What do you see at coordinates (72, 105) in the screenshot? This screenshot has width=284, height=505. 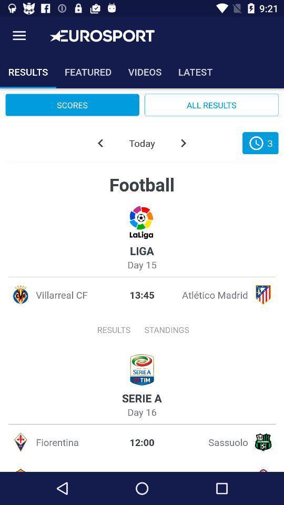 I see `item to the left of the all results` at bounding box center [72, 105].